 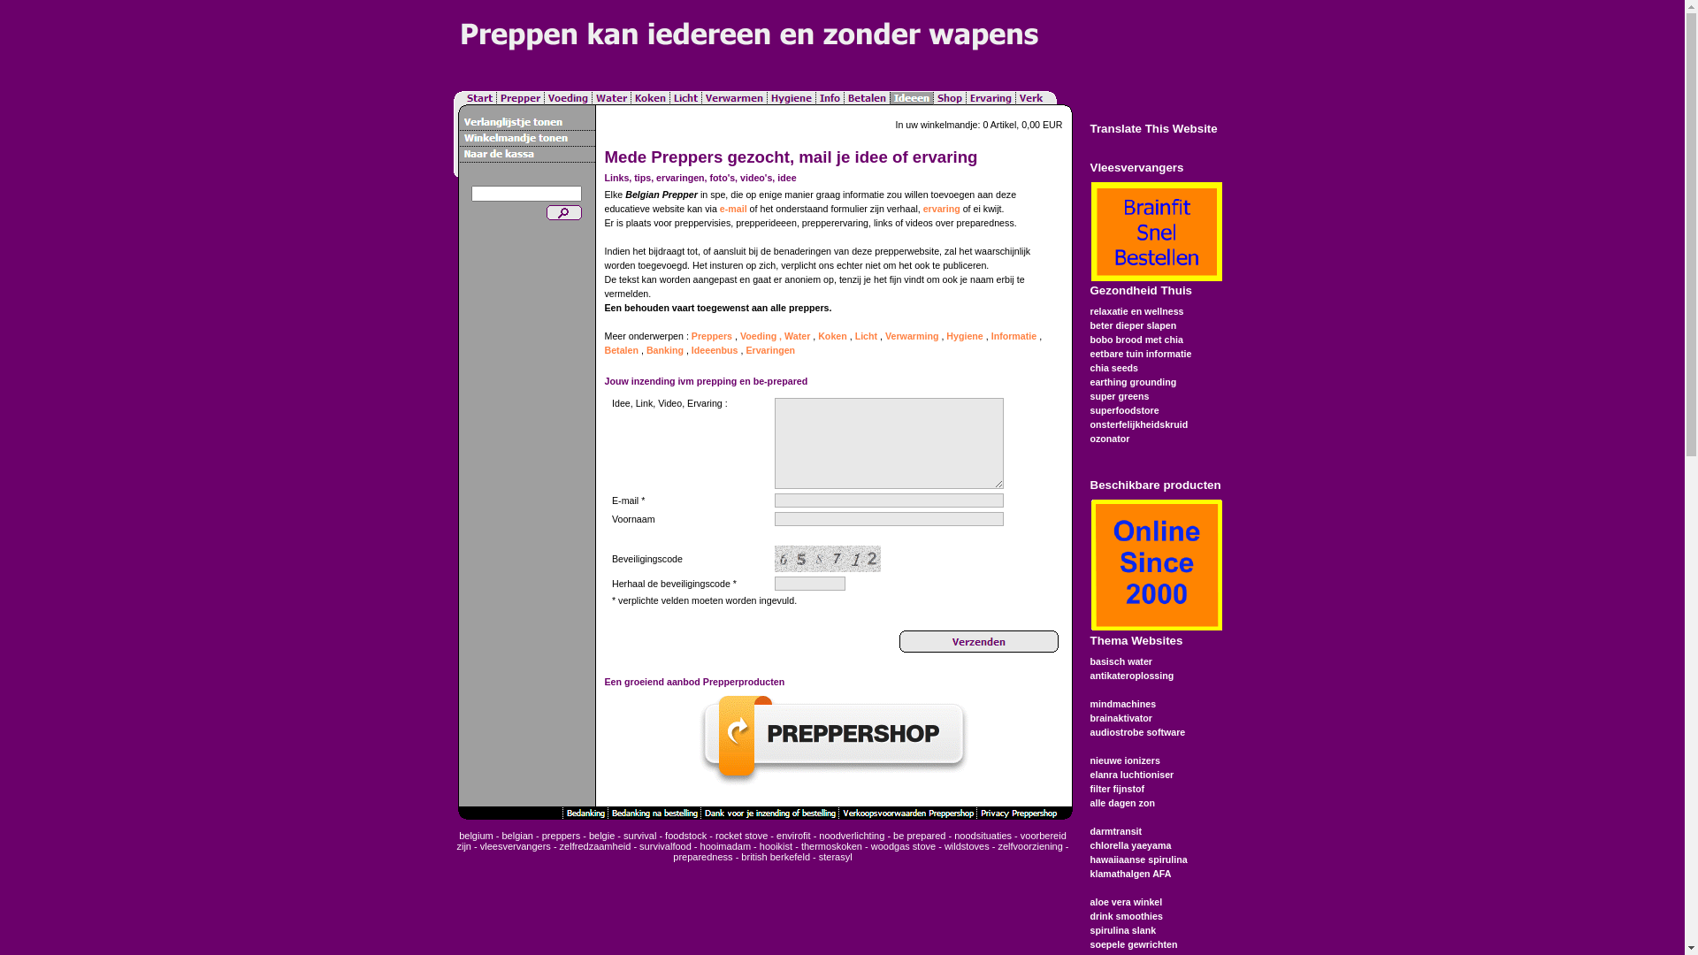 I want to click on 'chia seeds', so click(x=1113, y=367).